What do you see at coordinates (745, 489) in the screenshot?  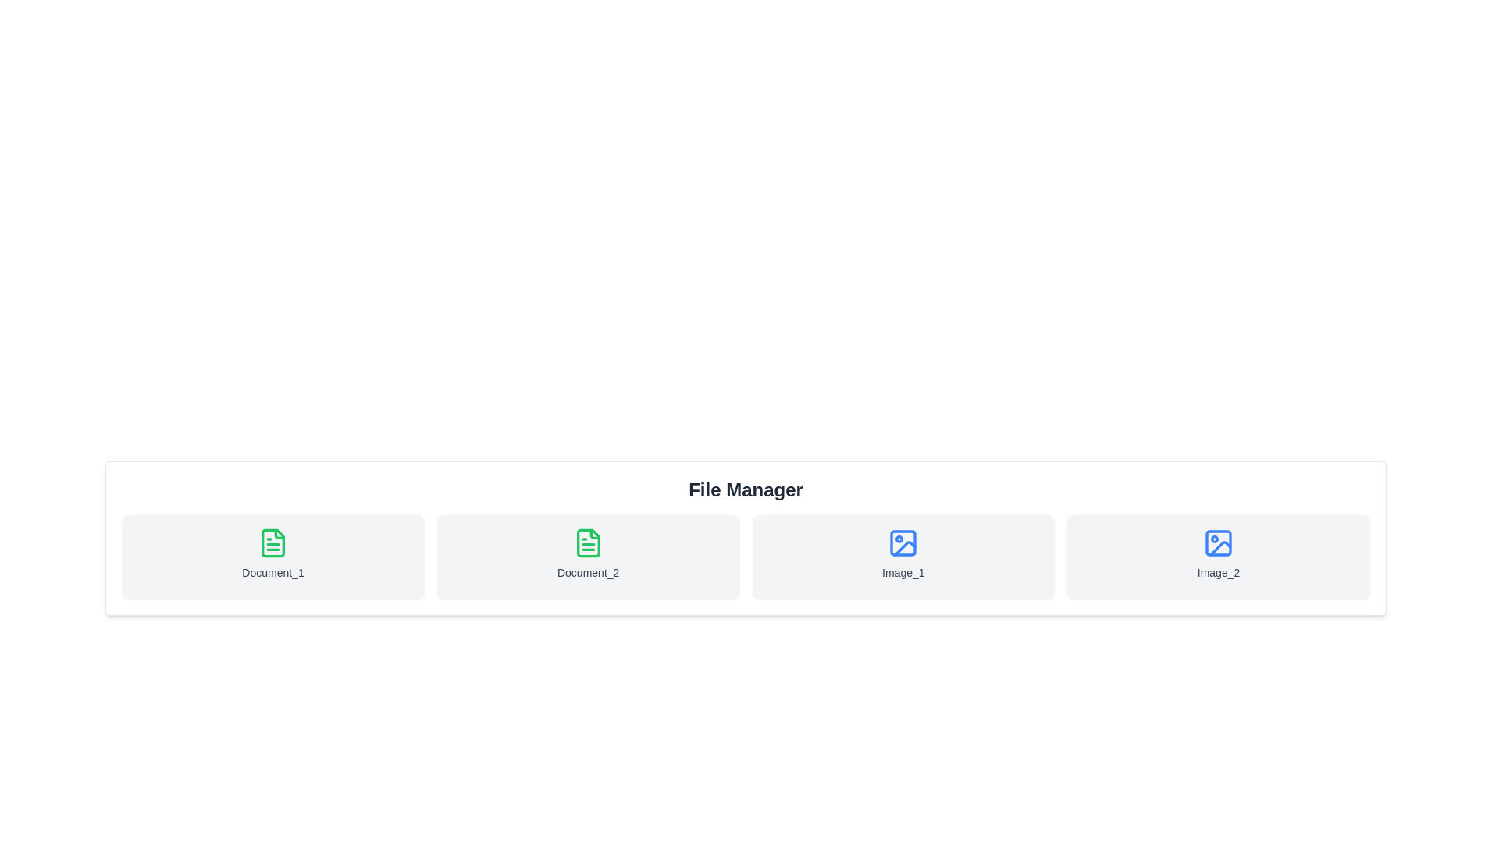 I see `the header text labeled 'File Manager', which is styled in a large, bold dark gray font and positioned above a grid layout of files and images` at bounding box center [745, 489].